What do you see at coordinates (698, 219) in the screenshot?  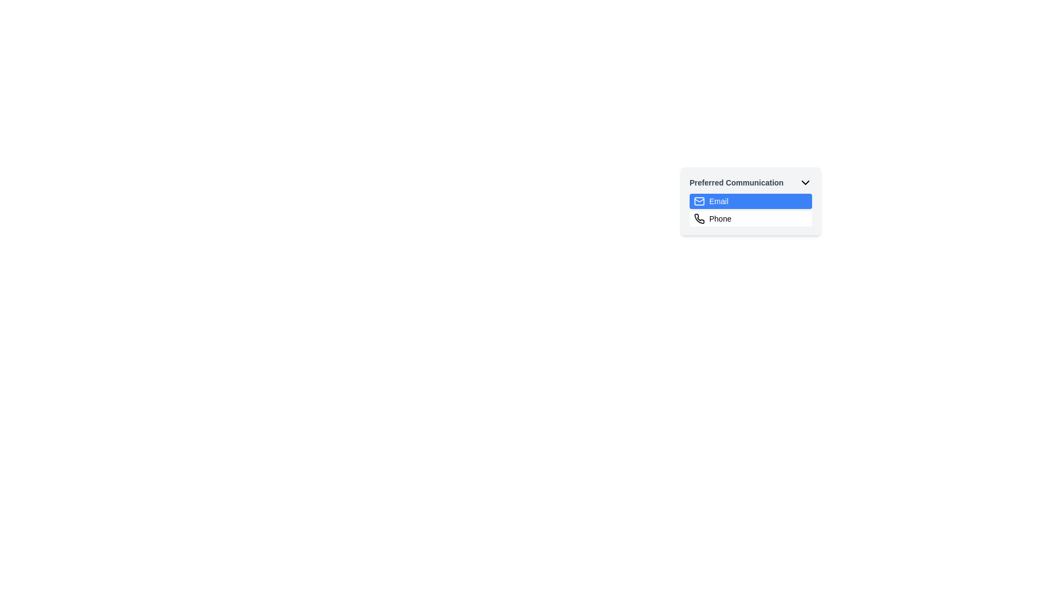 I see `the phone receiver icon in the dropdown menu labeled 'Phone' under 'Preferred Communication'` at bounding box center [698, 219].